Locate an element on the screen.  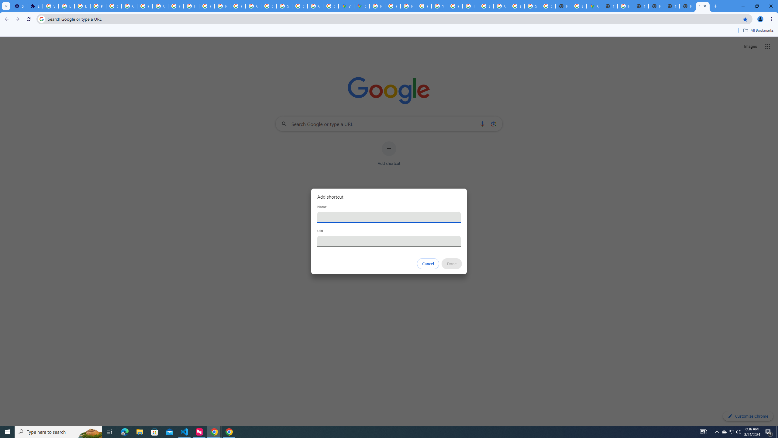
'Google Account Help' is located at coordinates (114, 6).